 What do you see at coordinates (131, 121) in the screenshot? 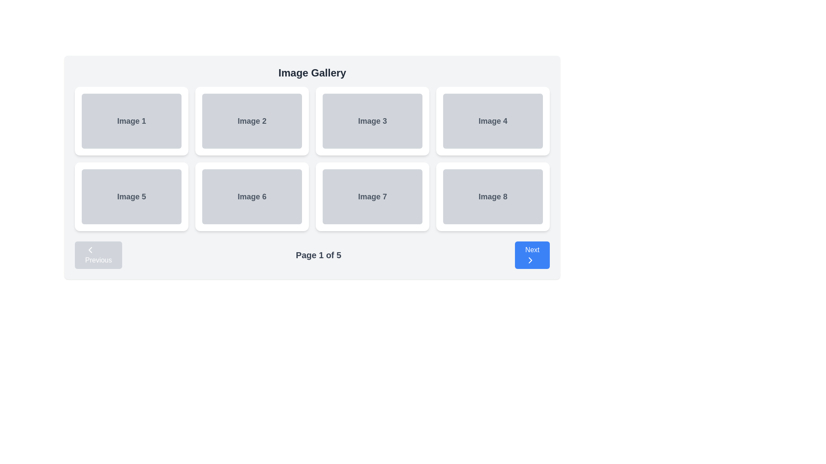
I see `the descriptive text label for the first image in the top-left cell of the 'Image Gallery' grid layout` at bounding box center [131, 121].